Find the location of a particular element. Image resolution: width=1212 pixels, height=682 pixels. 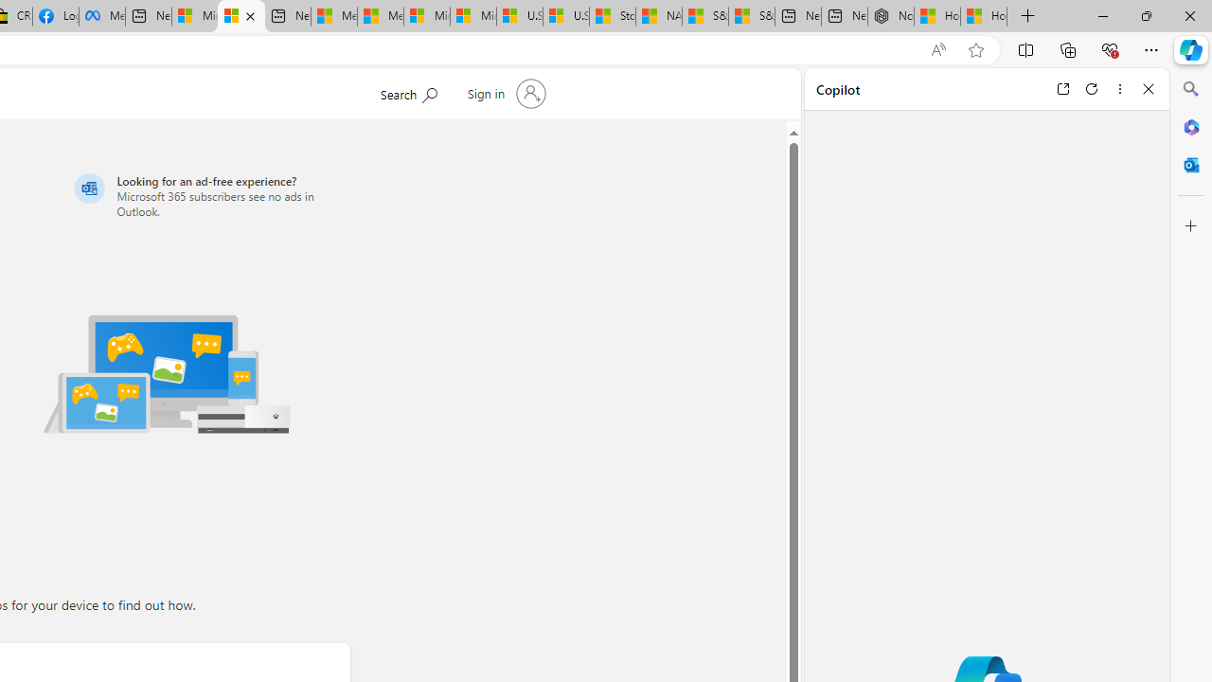

'Restore' is located at coordinates (1145, 15).